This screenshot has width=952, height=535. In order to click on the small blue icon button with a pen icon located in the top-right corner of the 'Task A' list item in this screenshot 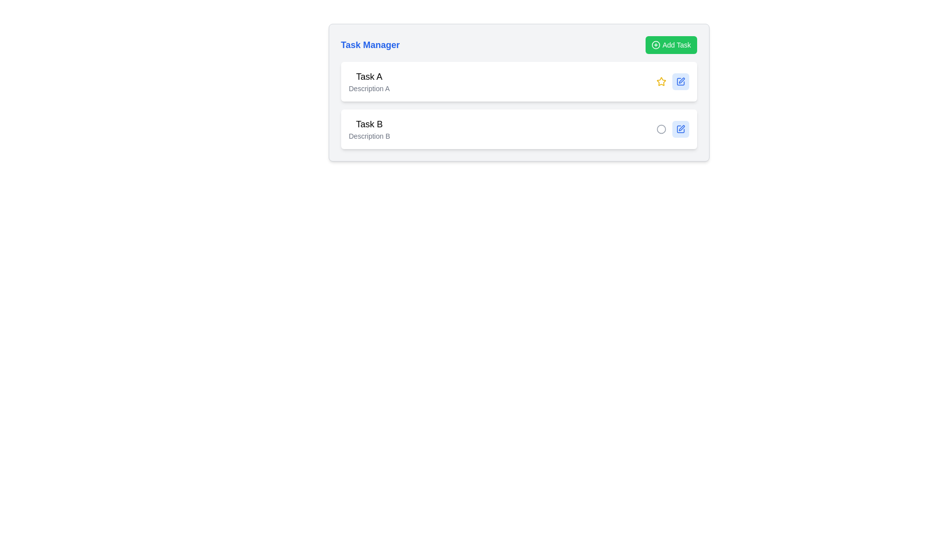, I will do `click(680, 81)`.